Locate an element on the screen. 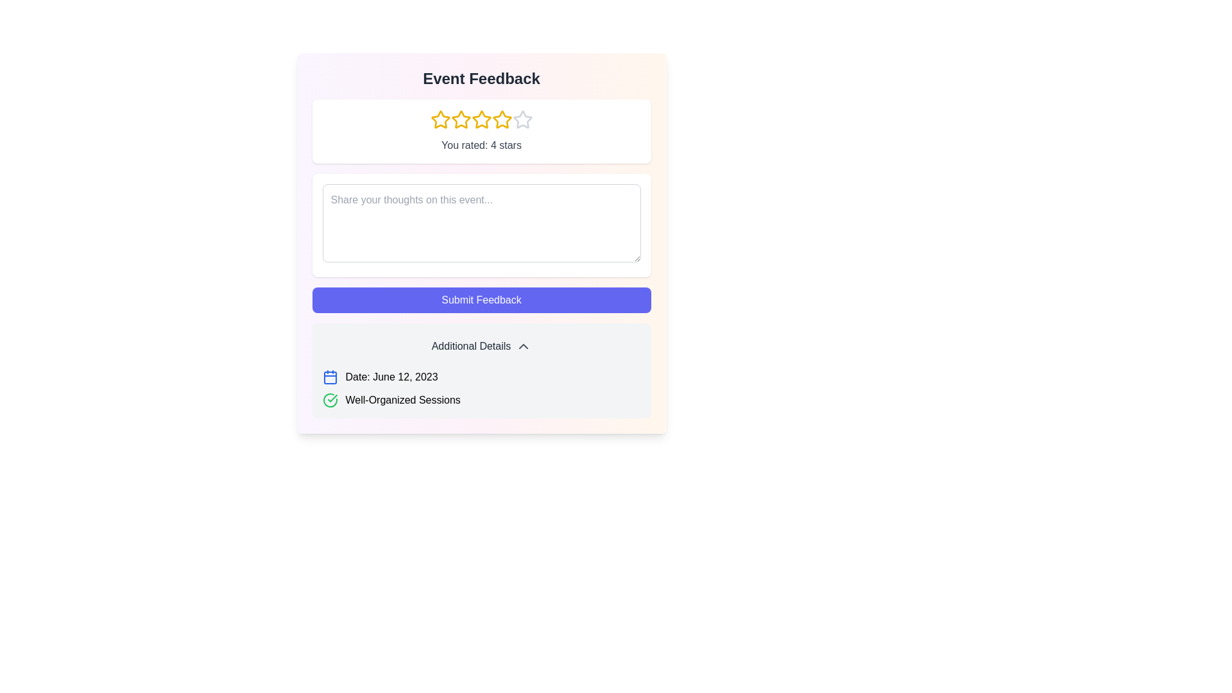  the fifth star icon in the rating component located beneath the title 'Event Feedback' is located at coordinates (522, 119).